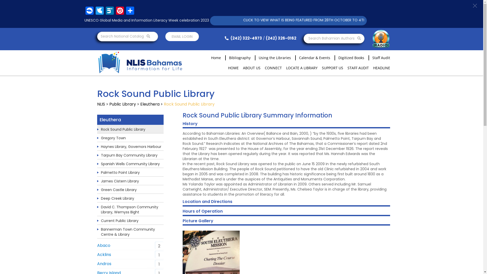  I want to click on 'Bibliography', so click(238, 57).